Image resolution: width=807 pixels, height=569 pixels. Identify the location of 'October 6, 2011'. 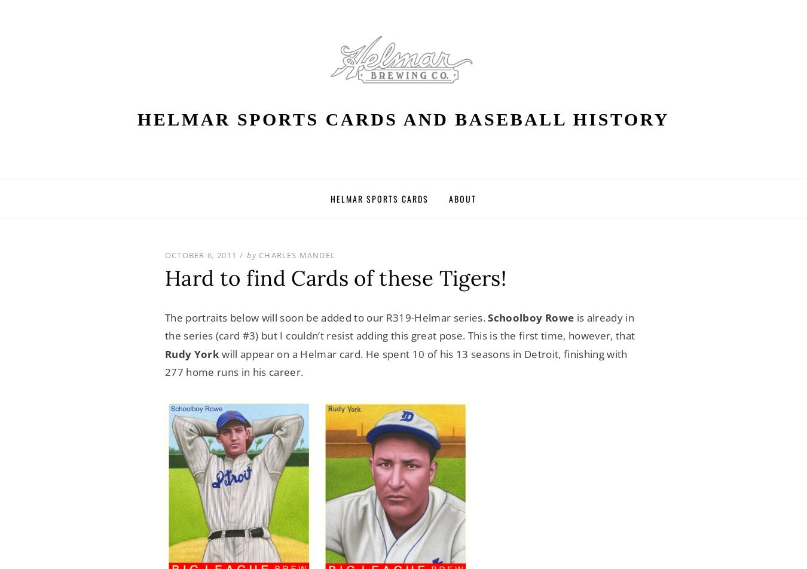
(200, 255).